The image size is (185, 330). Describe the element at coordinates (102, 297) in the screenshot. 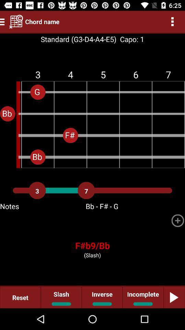

I see `the item next to slash icon` at that location.